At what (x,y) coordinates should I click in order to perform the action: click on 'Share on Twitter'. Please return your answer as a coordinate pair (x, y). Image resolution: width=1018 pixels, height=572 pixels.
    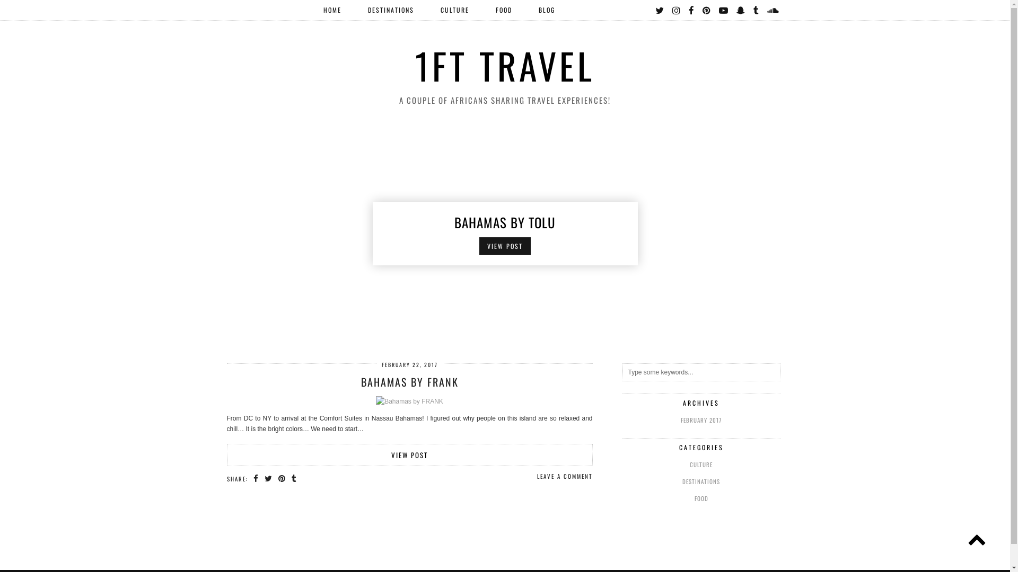
    Looking at the image, I should click on (268, 478).